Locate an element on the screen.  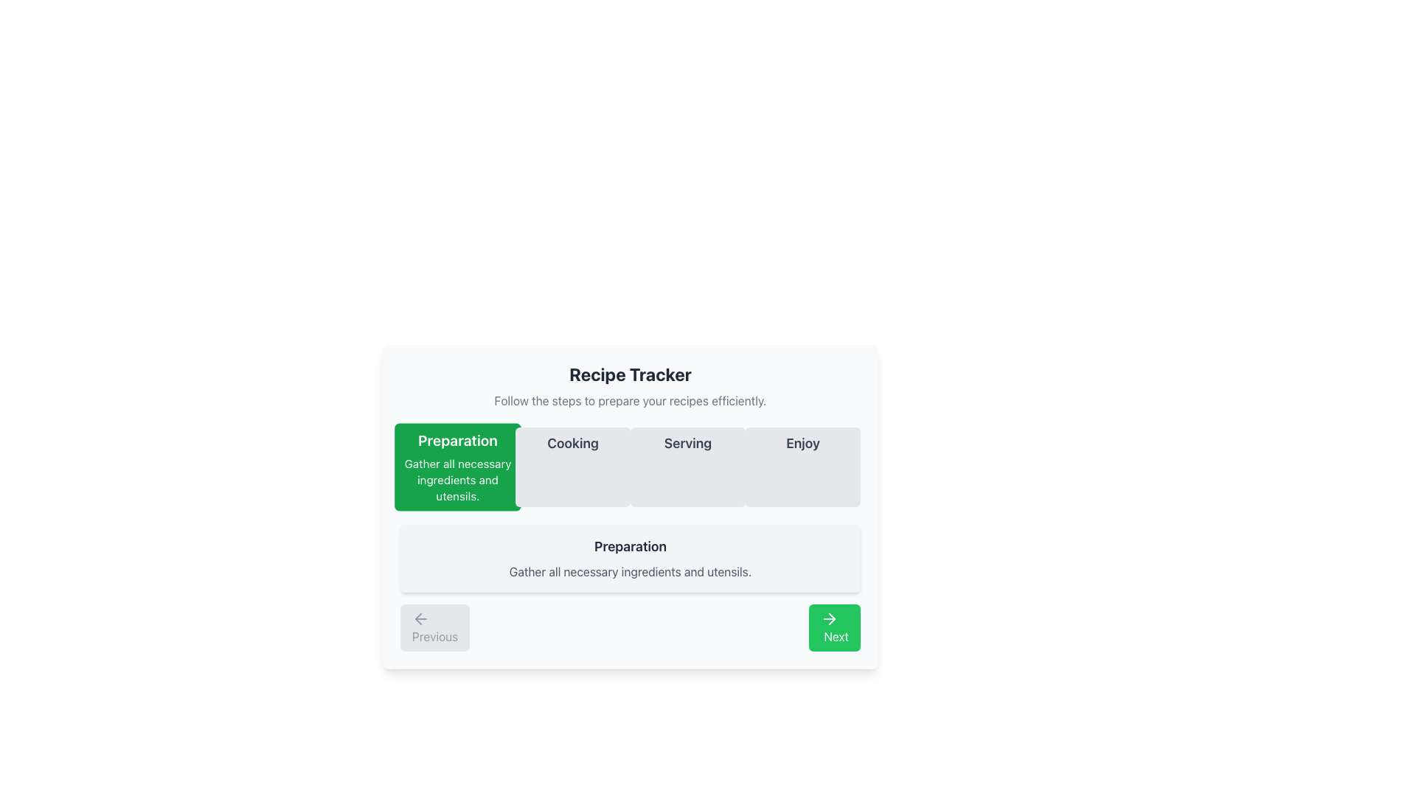
text 'Next' on the green button located at the bottom-right corner of the interface, which indicates that pressing it will proceed to the next step or page is located at coordinates (836, 636).